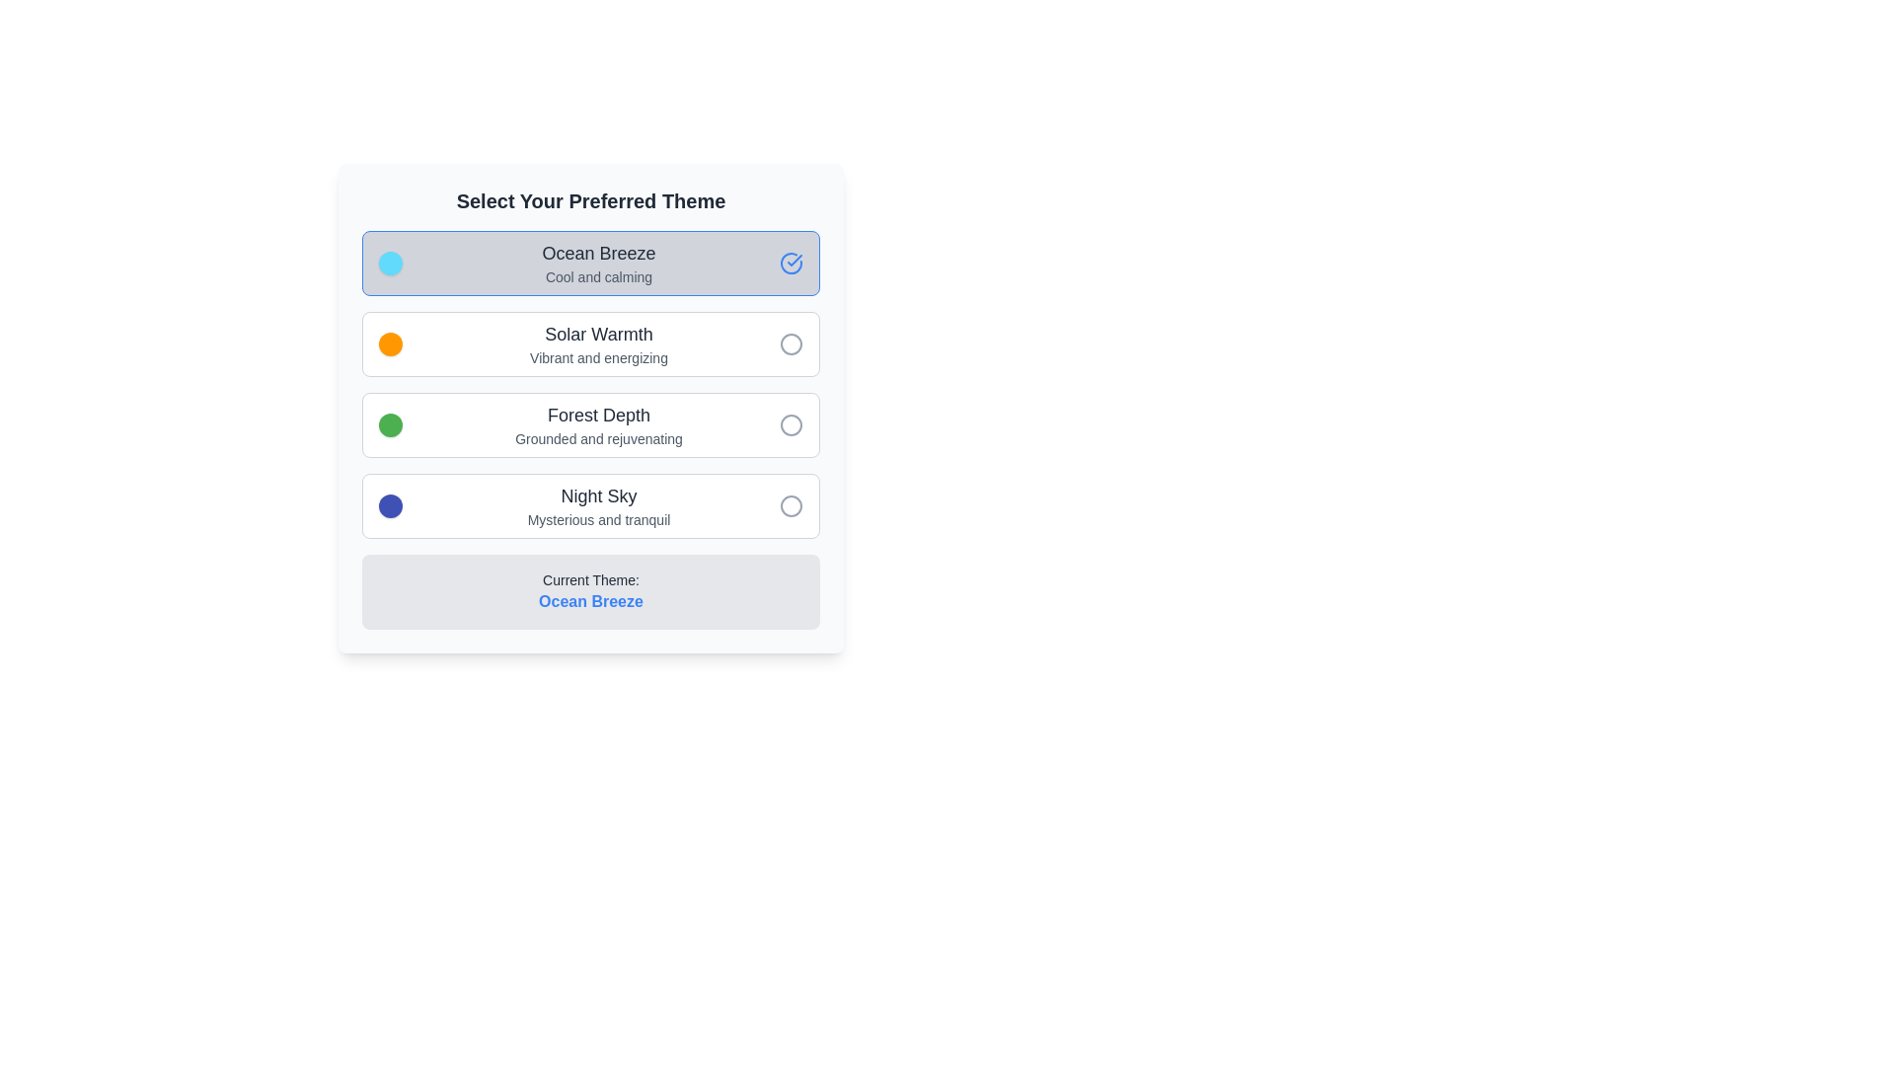 This screenshot has width=1895, height=1066. What do you see at coordinates (597, 495) in the screenshot?
I see `text label titled 'Night Sky' which is the fourth theme option in the vertical stack, accompanied by a circular blue theme indicator and a smaller descriptive text below it` at bounding box center [597, 495].